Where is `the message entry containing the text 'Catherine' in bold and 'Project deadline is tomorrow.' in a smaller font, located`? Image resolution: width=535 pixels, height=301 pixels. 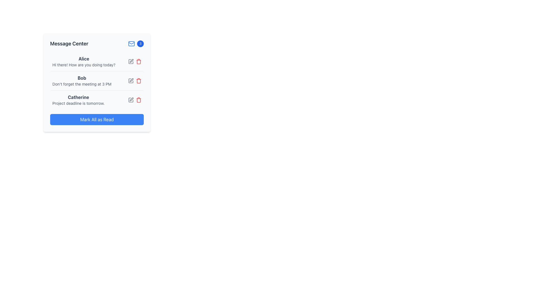 the message entry containing the text 'Catherine' in bold and 'Project deadline is tomorrow.' in a smaller font, located is located at coordinates (97, 99).